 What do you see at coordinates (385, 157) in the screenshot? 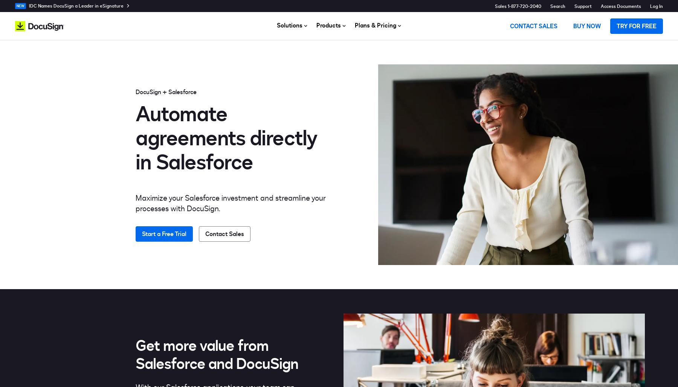
I see `'Transform the procure-to-pay process'` at bounding box center [385, 157].